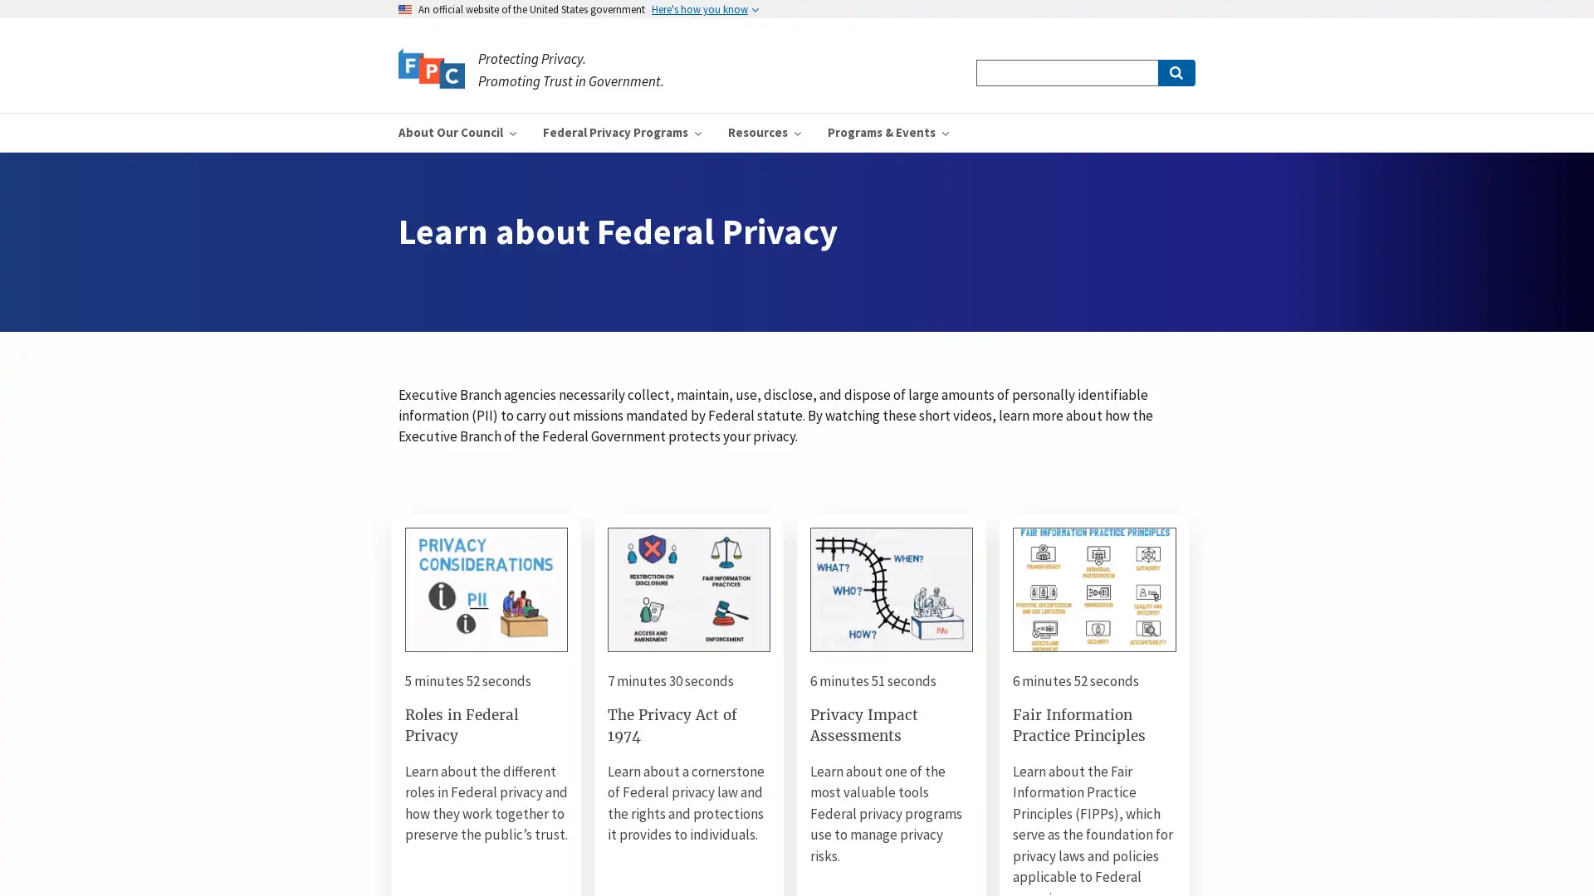  Describe the element at coordinates (705, 9) in the screenshot. I see `Here's how you know` at that location.